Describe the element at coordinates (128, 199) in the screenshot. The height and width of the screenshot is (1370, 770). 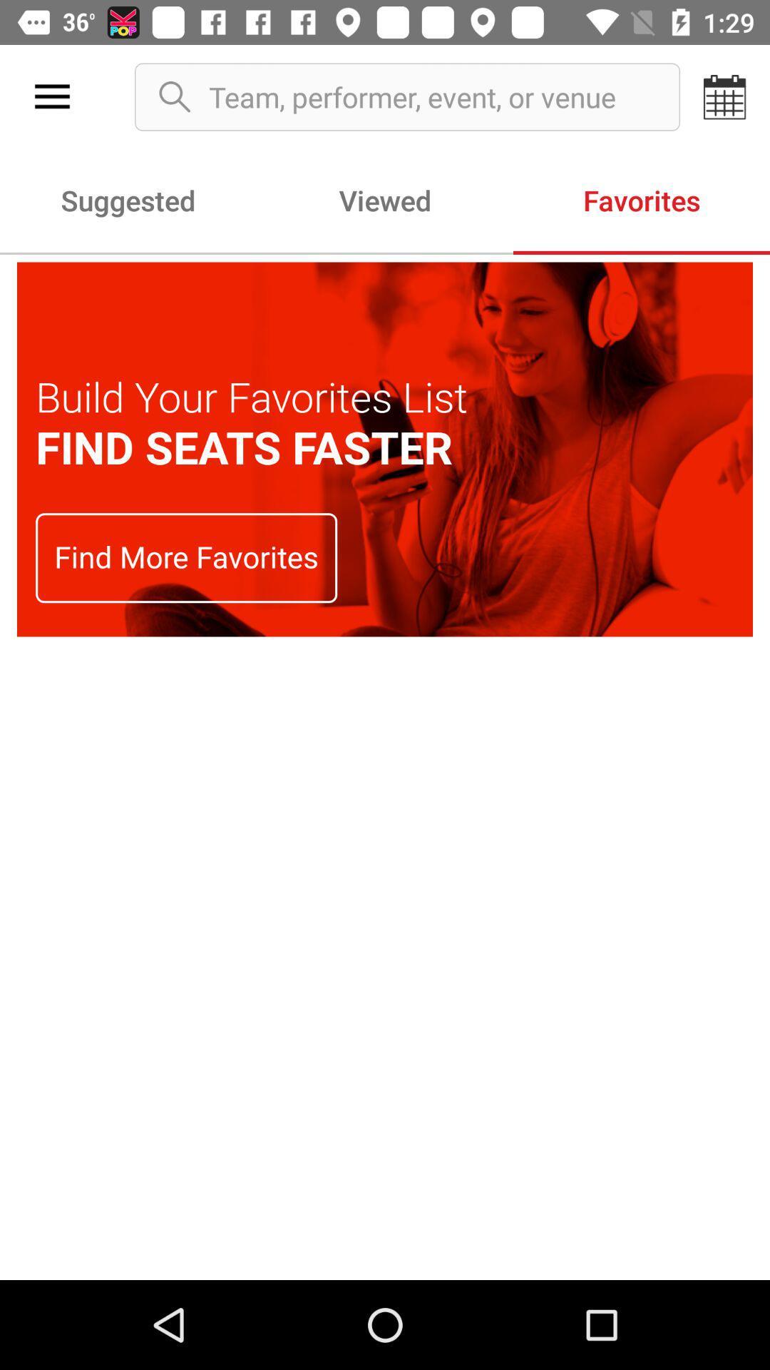
I see `the icon next to viewed icon` at that location.